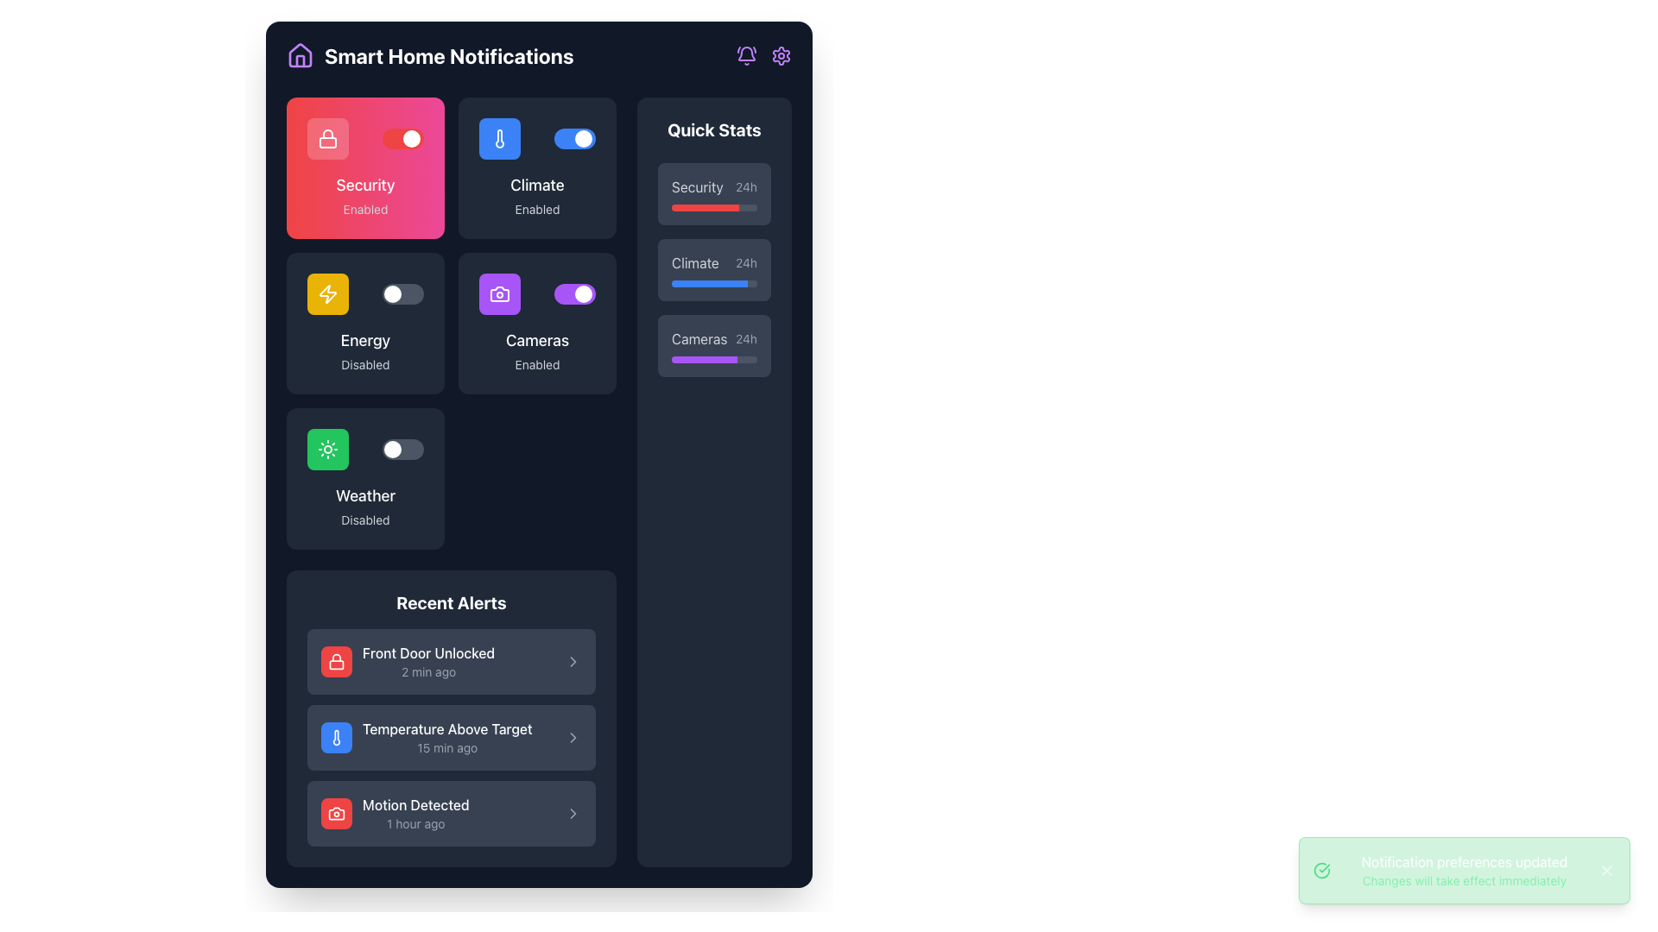  What do you see at coordinates (536, 340) in the screenshot?
I see `the 'Cameras' text label in the smart home notifications interface` at bounding box center [536, 340].